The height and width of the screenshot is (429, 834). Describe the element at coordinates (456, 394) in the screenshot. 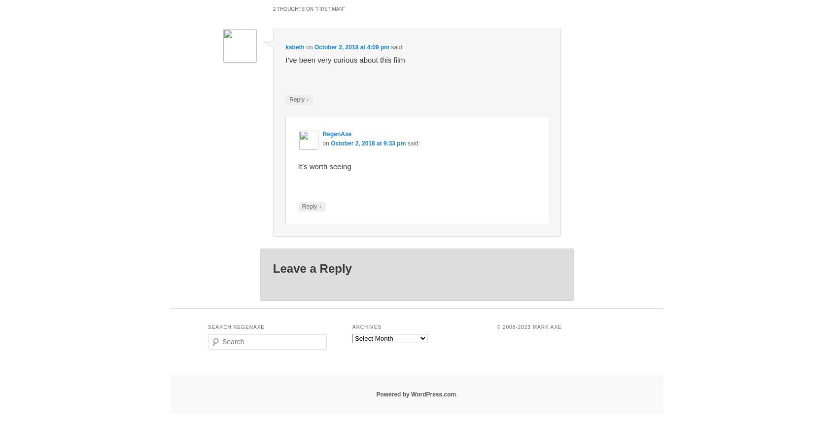

I see `'.'` at that location.